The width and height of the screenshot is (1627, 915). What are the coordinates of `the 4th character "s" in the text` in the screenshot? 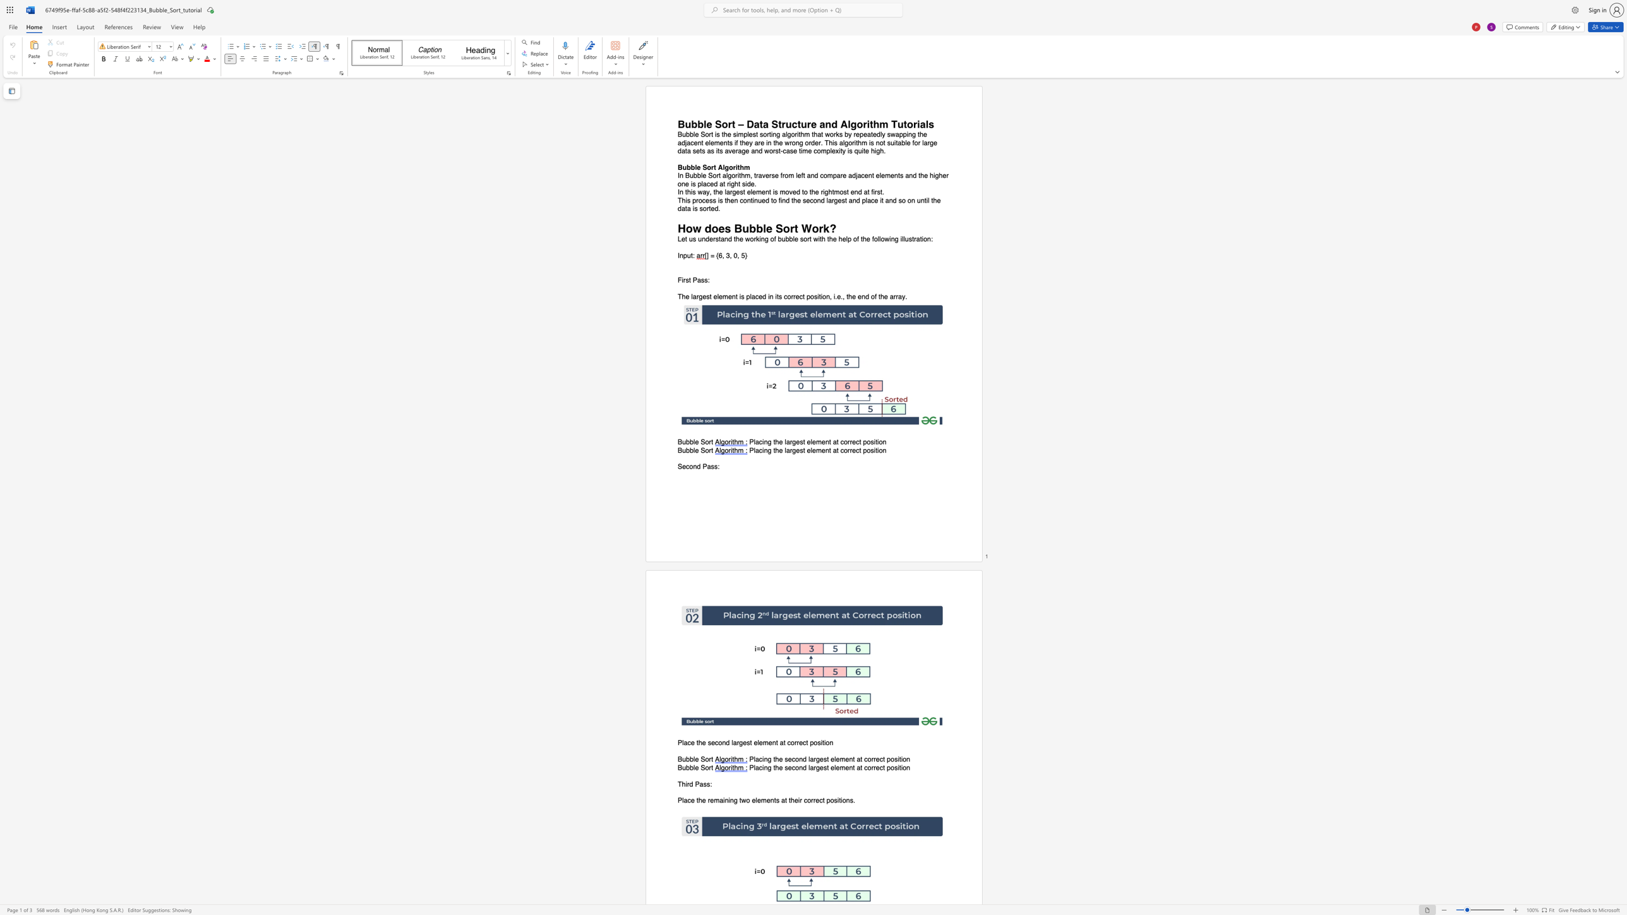 It's located at (721, 200).